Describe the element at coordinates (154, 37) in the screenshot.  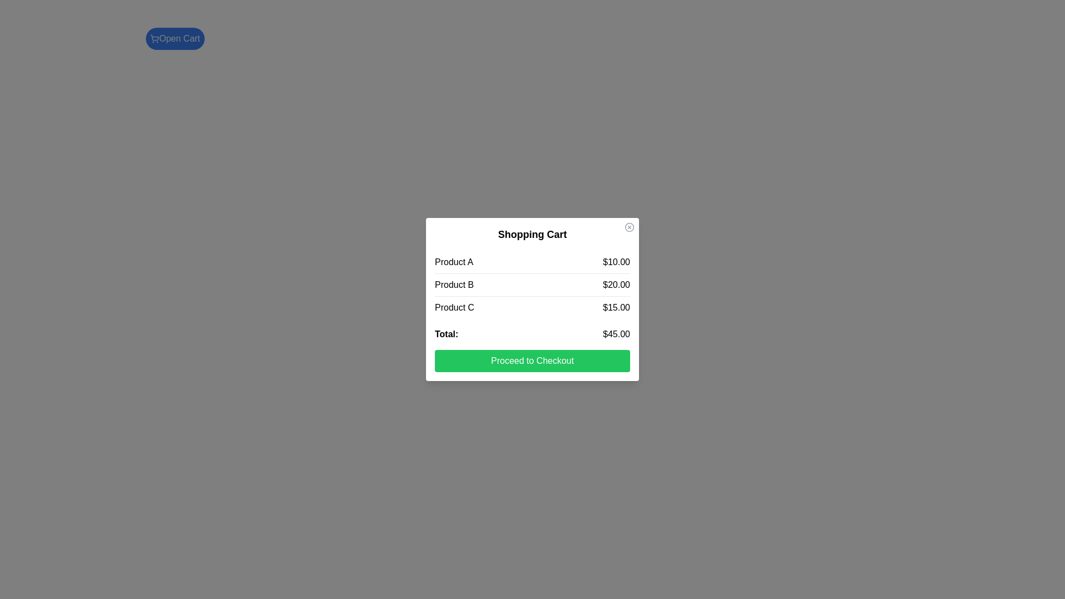
I see `the shopping cart icon, which is a graphical representation used in e-commerce interfaces, featuring a rounded rectangular shape and two wheels at the bottom` at that location.